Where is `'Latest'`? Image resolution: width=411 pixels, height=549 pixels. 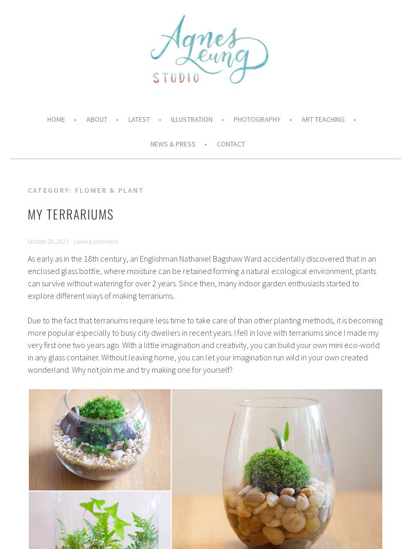 'Latest' is located at coordinates (127, 119).